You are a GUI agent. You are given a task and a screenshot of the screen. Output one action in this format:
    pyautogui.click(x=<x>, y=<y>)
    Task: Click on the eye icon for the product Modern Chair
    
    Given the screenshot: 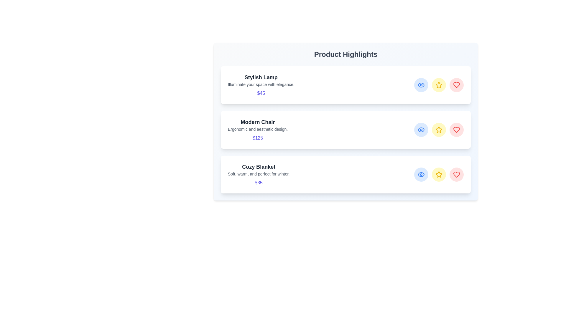 What is the action you would take?
    pyautogui.click(x=421, y=129)
    